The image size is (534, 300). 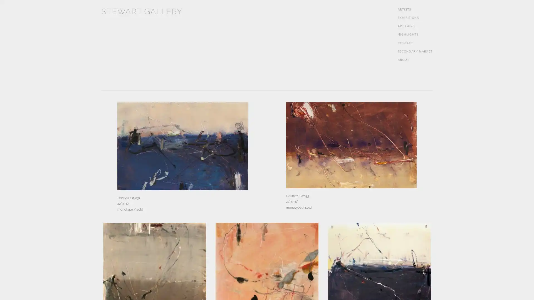 I want to click on View fullsize, so click(x=351, y=145).